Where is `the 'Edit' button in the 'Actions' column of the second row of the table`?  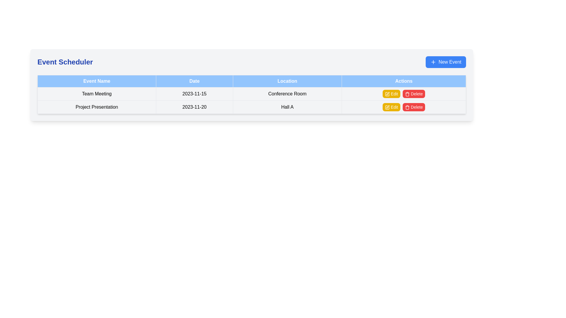
the 'Edit' button in the 'Actions' column of the second row of the table is located at coordinates (387, 107).